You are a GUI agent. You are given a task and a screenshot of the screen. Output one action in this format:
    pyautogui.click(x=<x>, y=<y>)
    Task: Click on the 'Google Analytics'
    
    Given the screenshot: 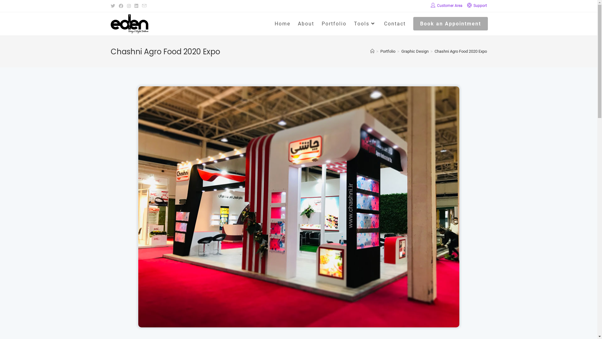 What is the action you would take?
    pyautogui.click(x=346, y=298)
    